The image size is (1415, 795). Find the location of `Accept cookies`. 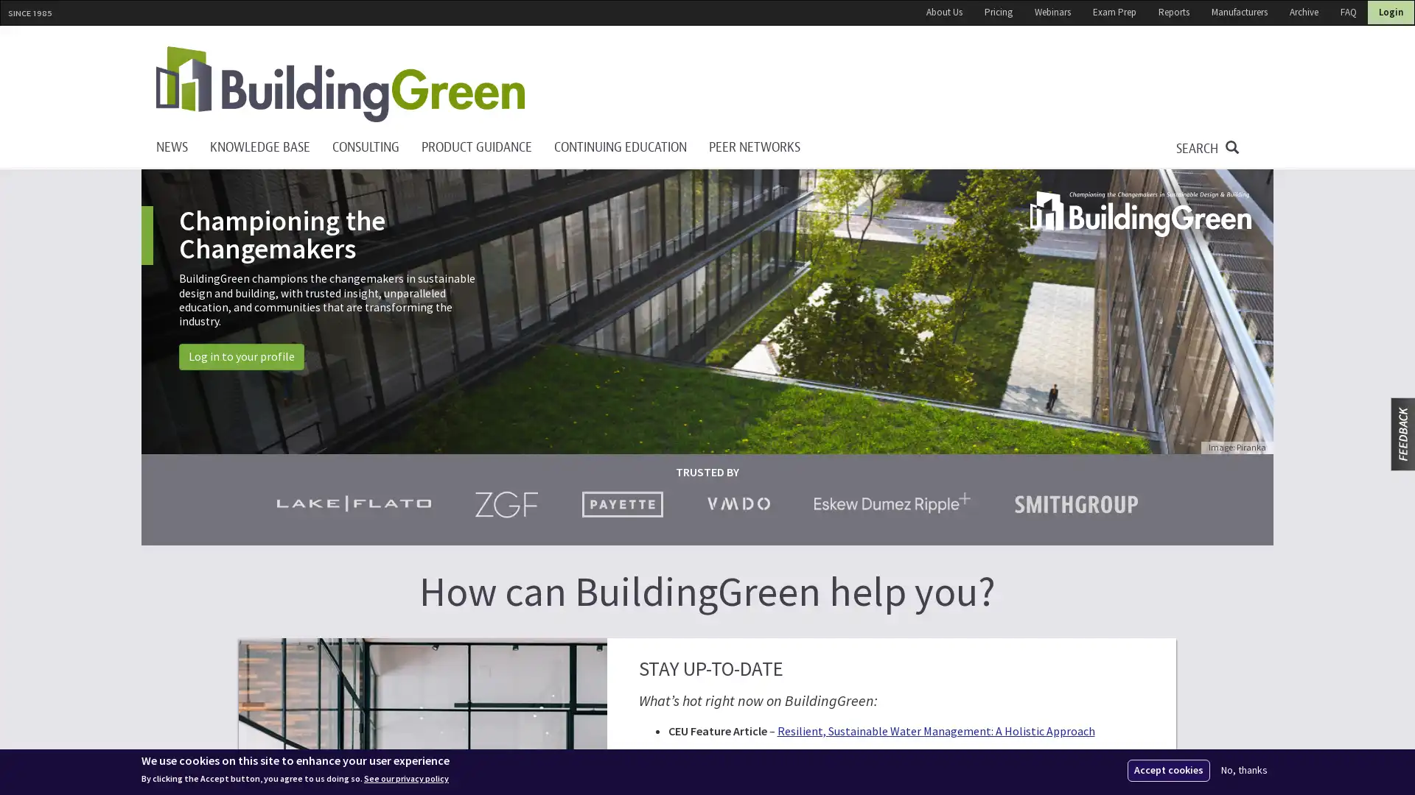

Accept cookies is located at coordinates (1167, 769).